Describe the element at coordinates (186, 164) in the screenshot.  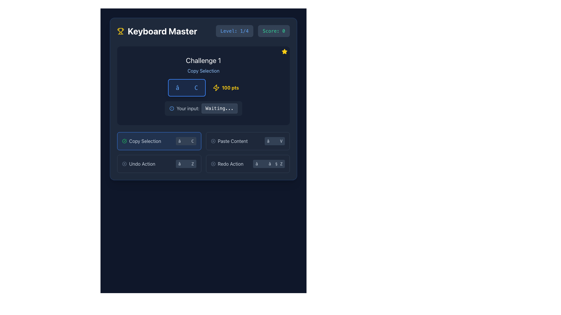
I see `the keyboard shortcut indicator for the 'Undo Action' functionality located at the bottom section of the interface` at that location.